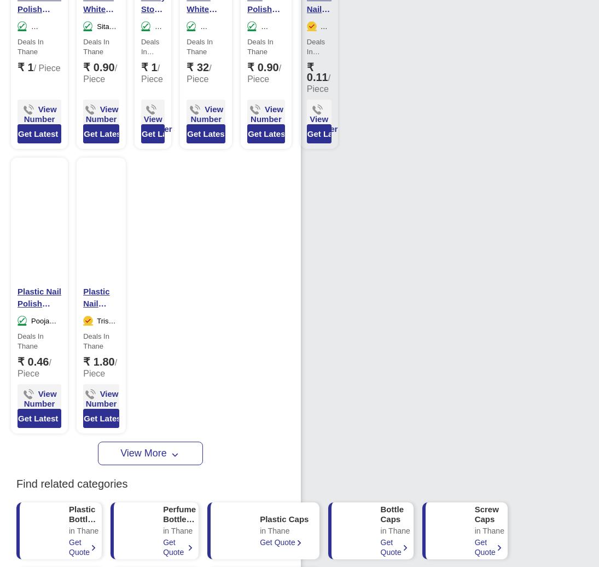 The width and height of the screenshot is (599, 567). Describe the element at coordinates (205, 36) in the screenshot. I see `'D.H.Plastics'` at that location.